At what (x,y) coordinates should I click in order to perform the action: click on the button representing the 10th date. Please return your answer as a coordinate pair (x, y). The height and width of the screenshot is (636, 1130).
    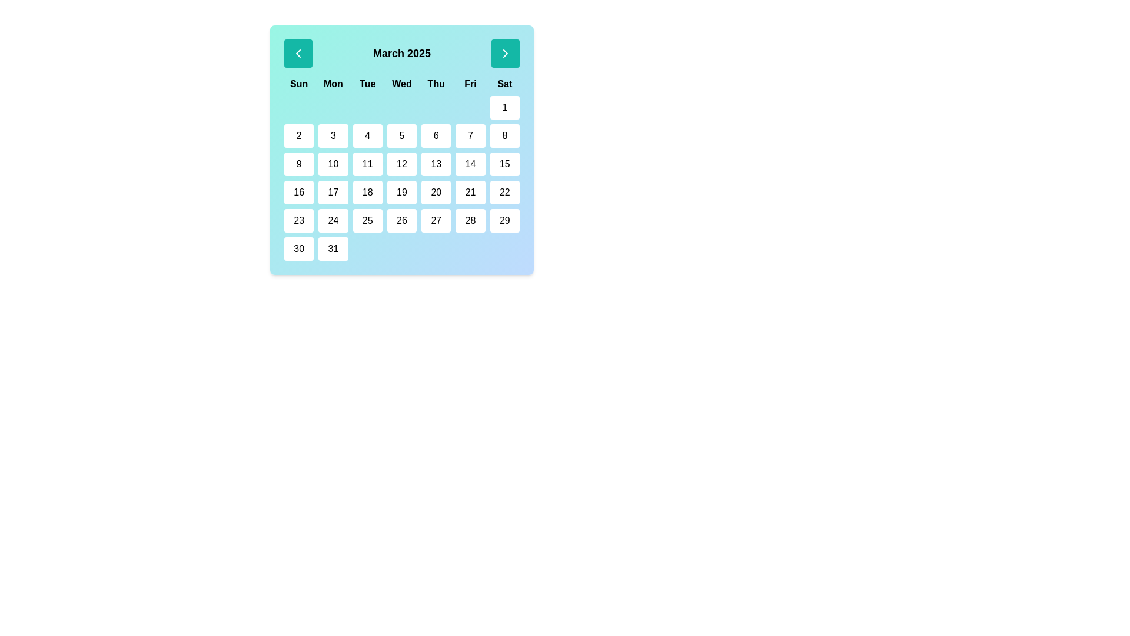
    Looking at the image, I should click on (333, 164).